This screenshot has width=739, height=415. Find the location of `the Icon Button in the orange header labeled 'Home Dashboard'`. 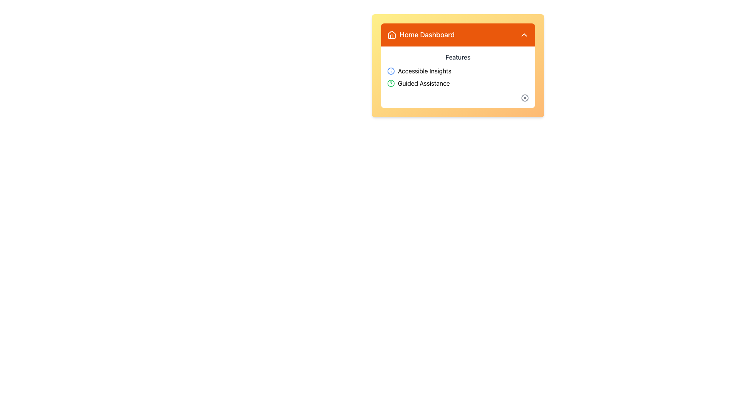

the Icon Button in the orange header labeled 'Home Dashboard' is located at coordinates (524, 35).